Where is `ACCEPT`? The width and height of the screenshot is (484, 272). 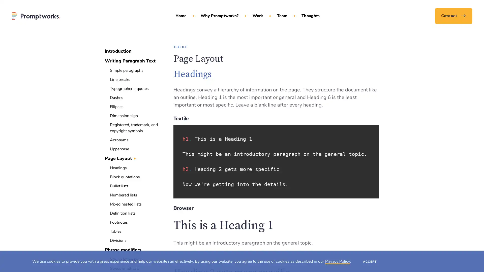
ACCEPT is located at coordinates (370, 261).